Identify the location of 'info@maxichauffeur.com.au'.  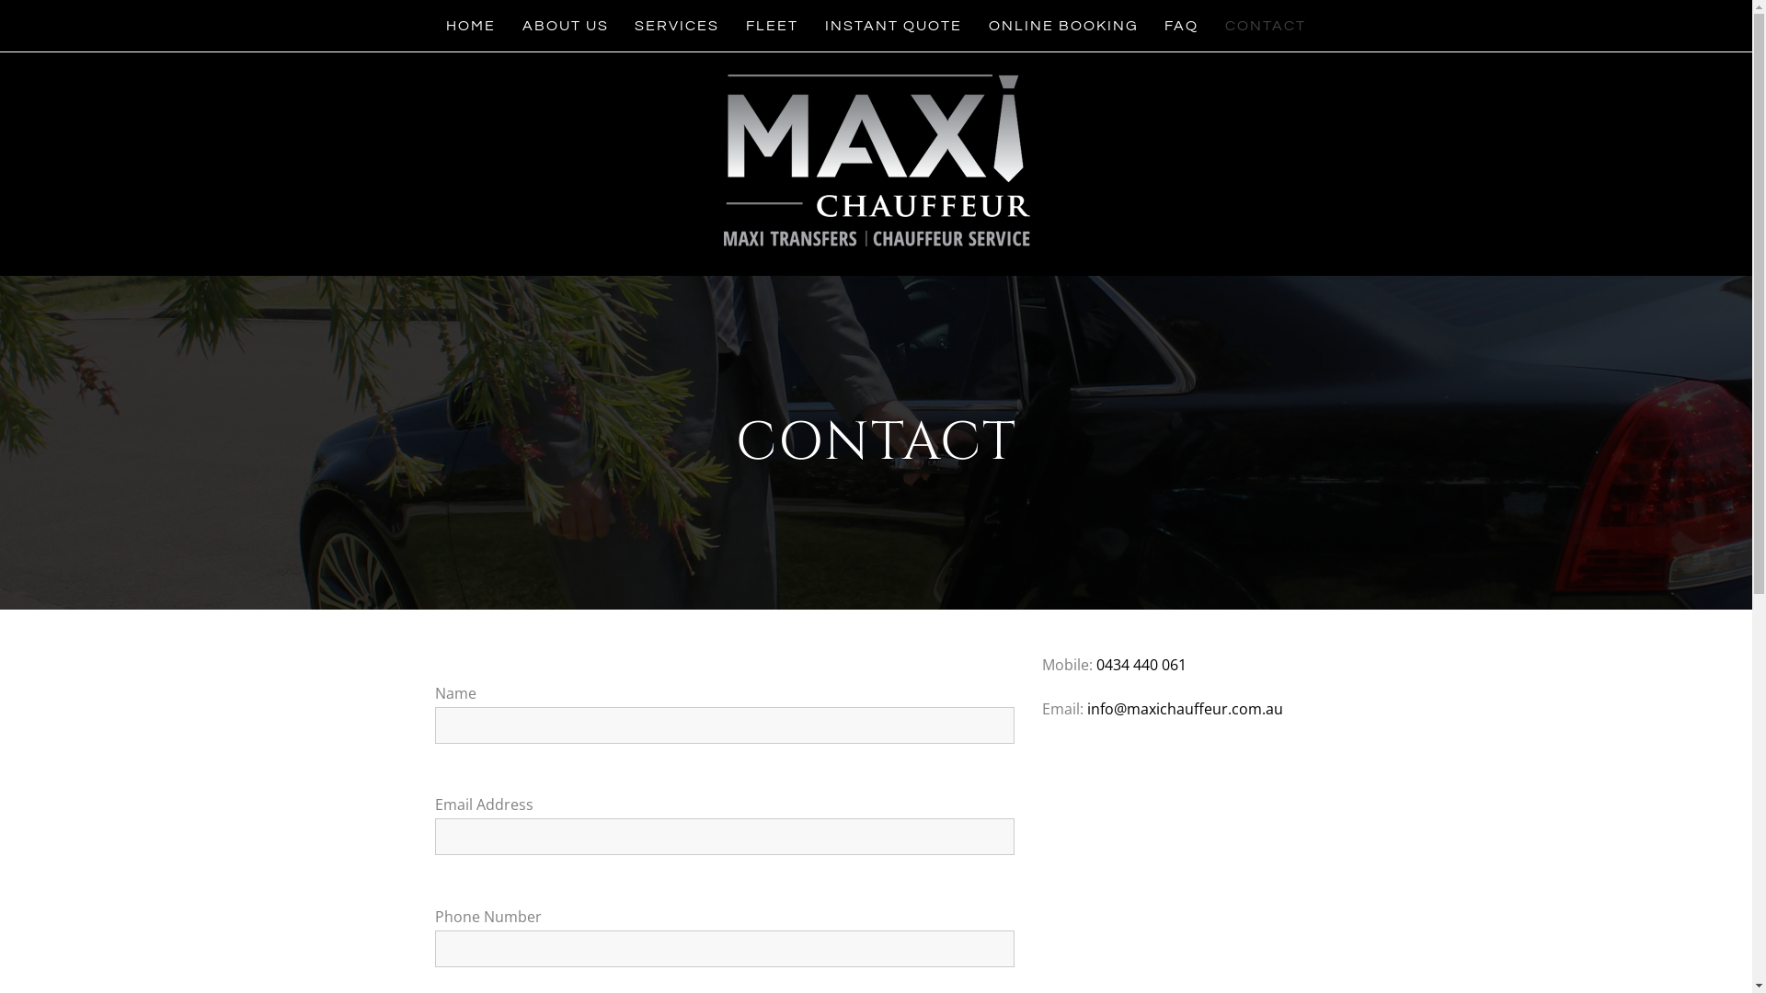
(1185, 708).